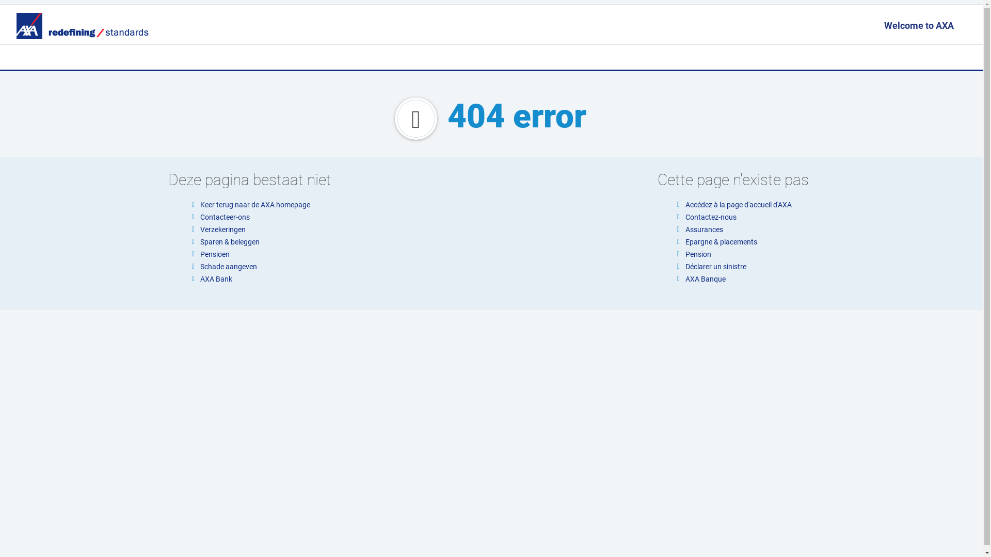  What do you see at coordinates (710, 216) in the screenshot?
I see `'Contactez-nous'` at bounding box center [710, 216].